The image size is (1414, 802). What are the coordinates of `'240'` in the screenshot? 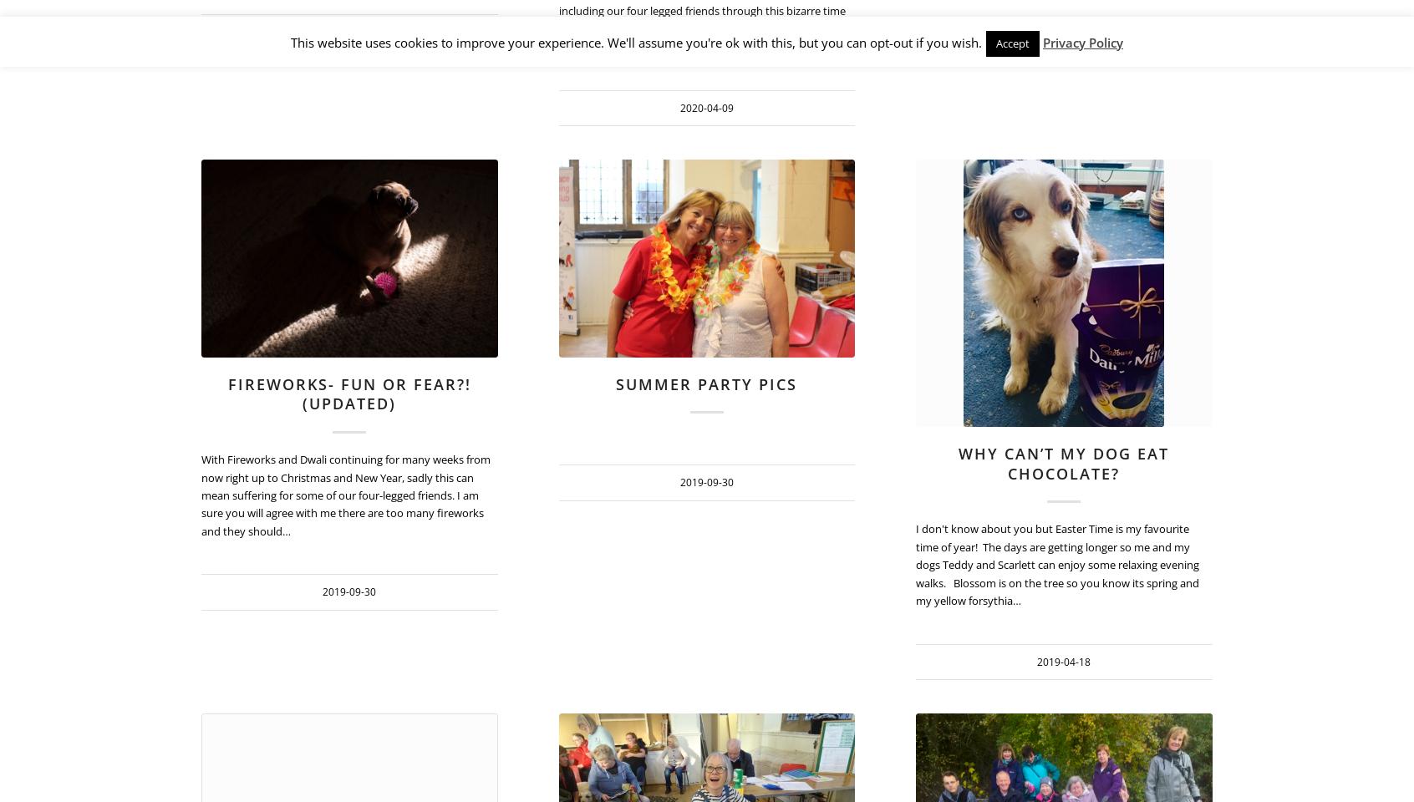 It's located at (1240, 203).